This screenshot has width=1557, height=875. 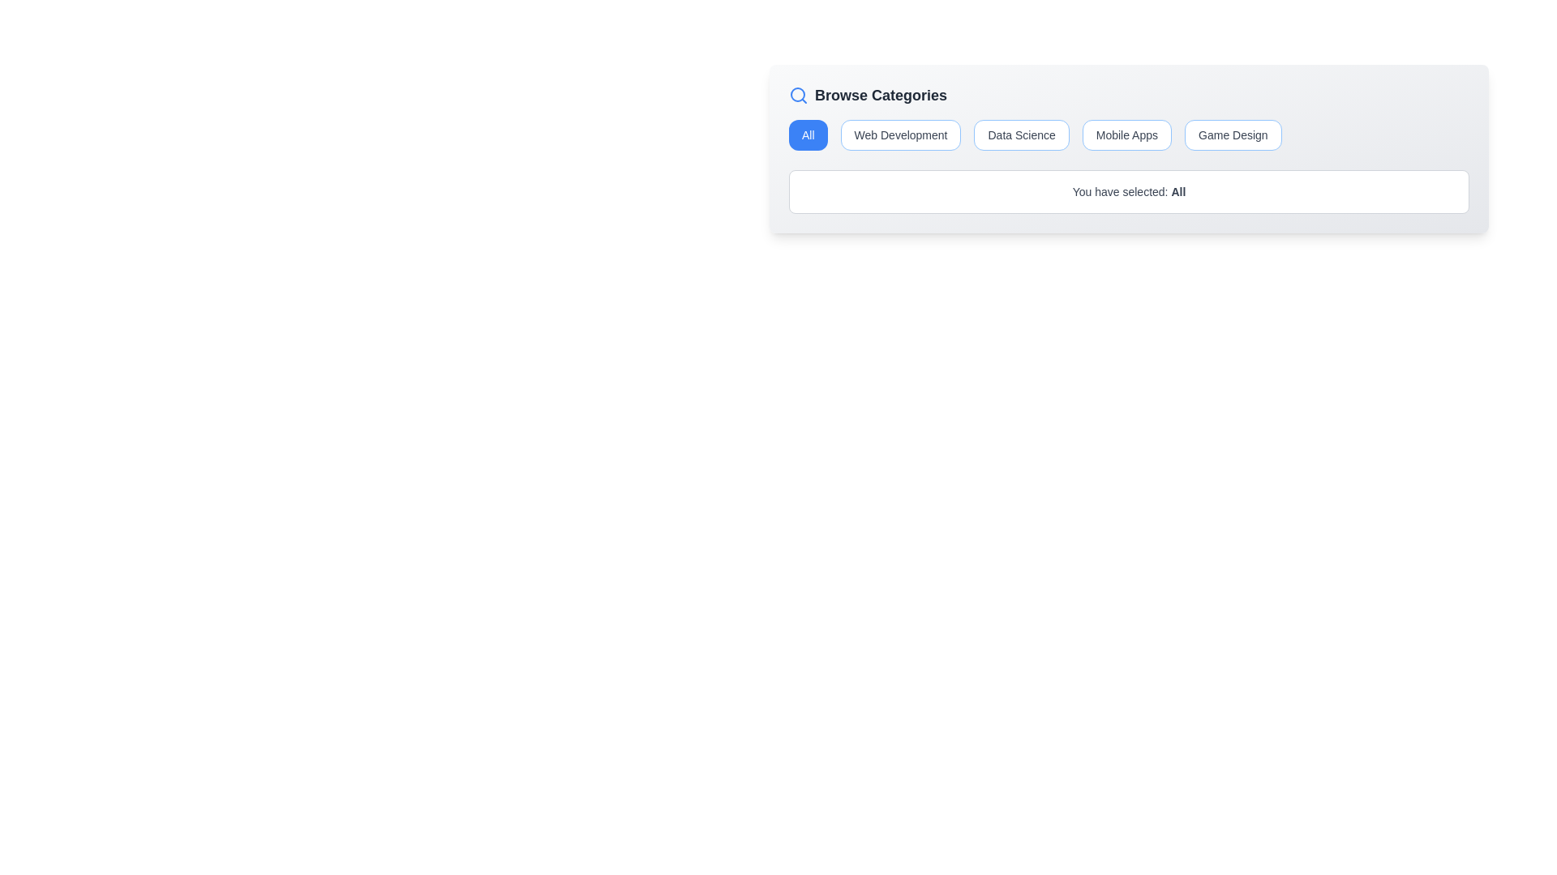 What do you see at coordinates (1178, 190) in the screenshot?
I see `the text label 'All', which is bolded and highlighted within the string 'You have selected: All' located in the lower center of the layout` at bounding box center [1178, 190].